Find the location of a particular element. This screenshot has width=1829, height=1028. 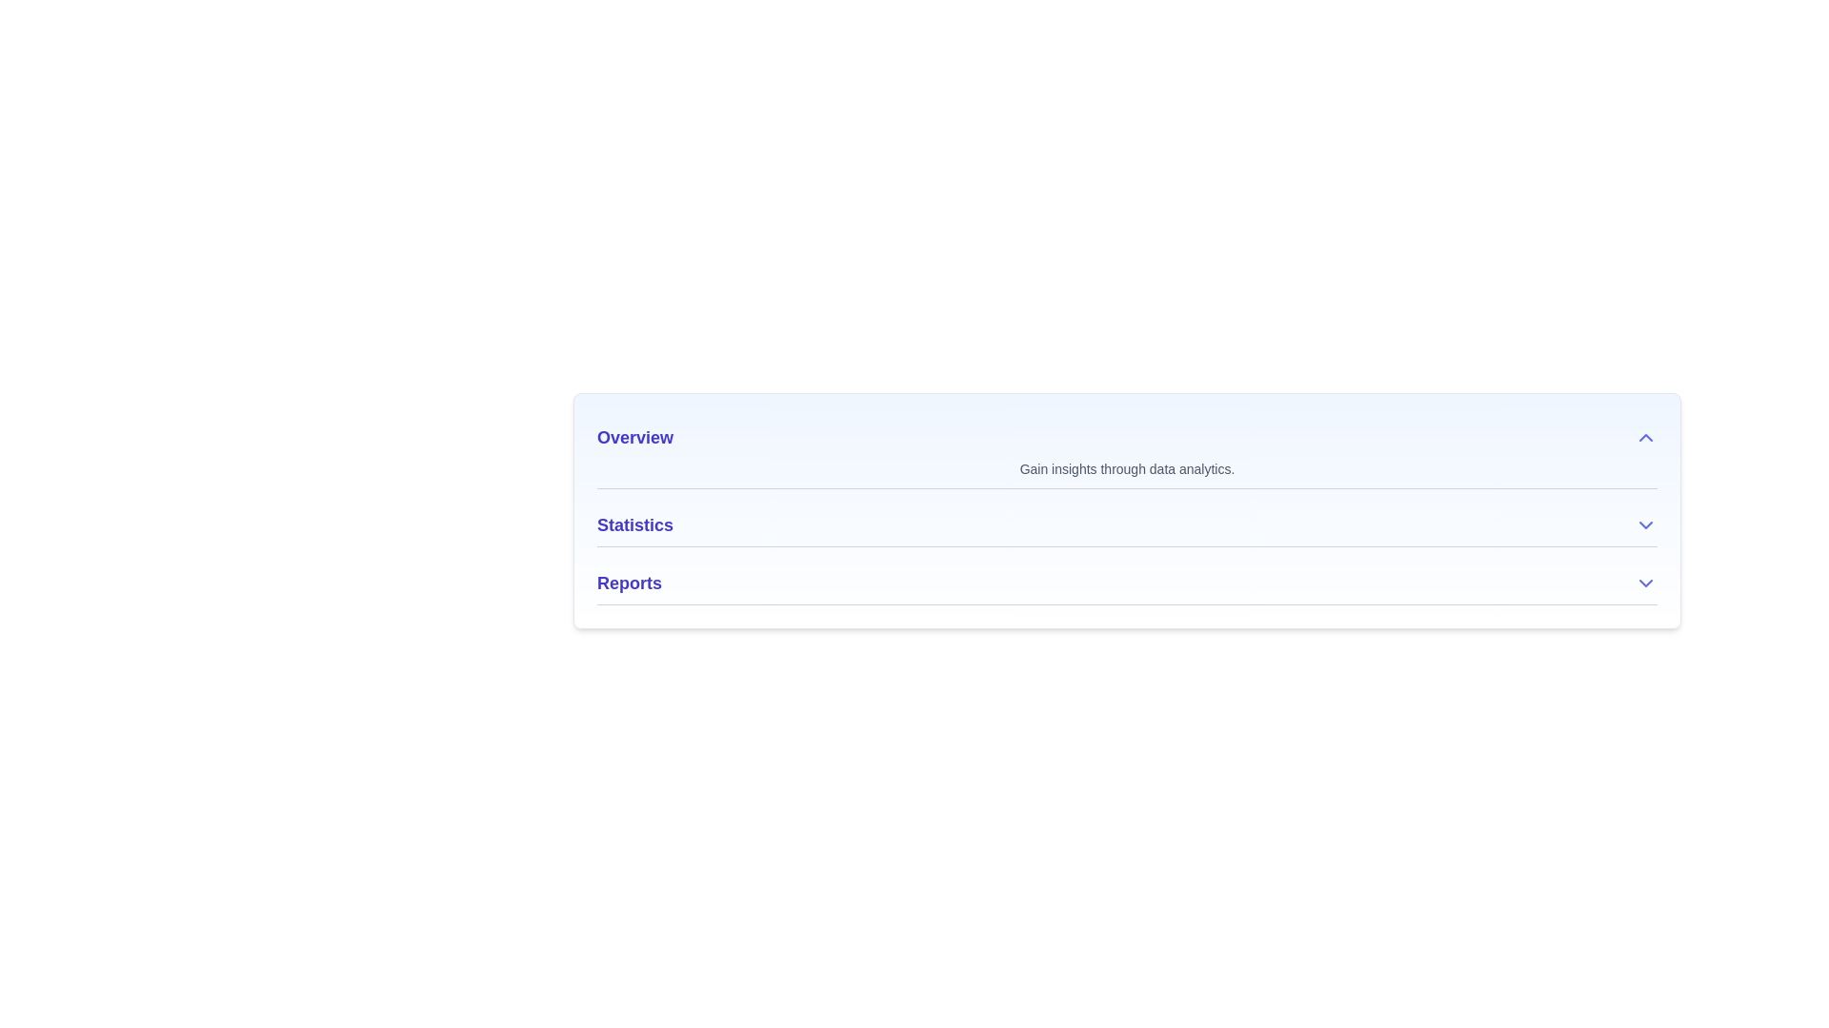

the indigo downward-facing chevron icon located to the right of the 'Reports' header is located at coordinates (1645, 582).